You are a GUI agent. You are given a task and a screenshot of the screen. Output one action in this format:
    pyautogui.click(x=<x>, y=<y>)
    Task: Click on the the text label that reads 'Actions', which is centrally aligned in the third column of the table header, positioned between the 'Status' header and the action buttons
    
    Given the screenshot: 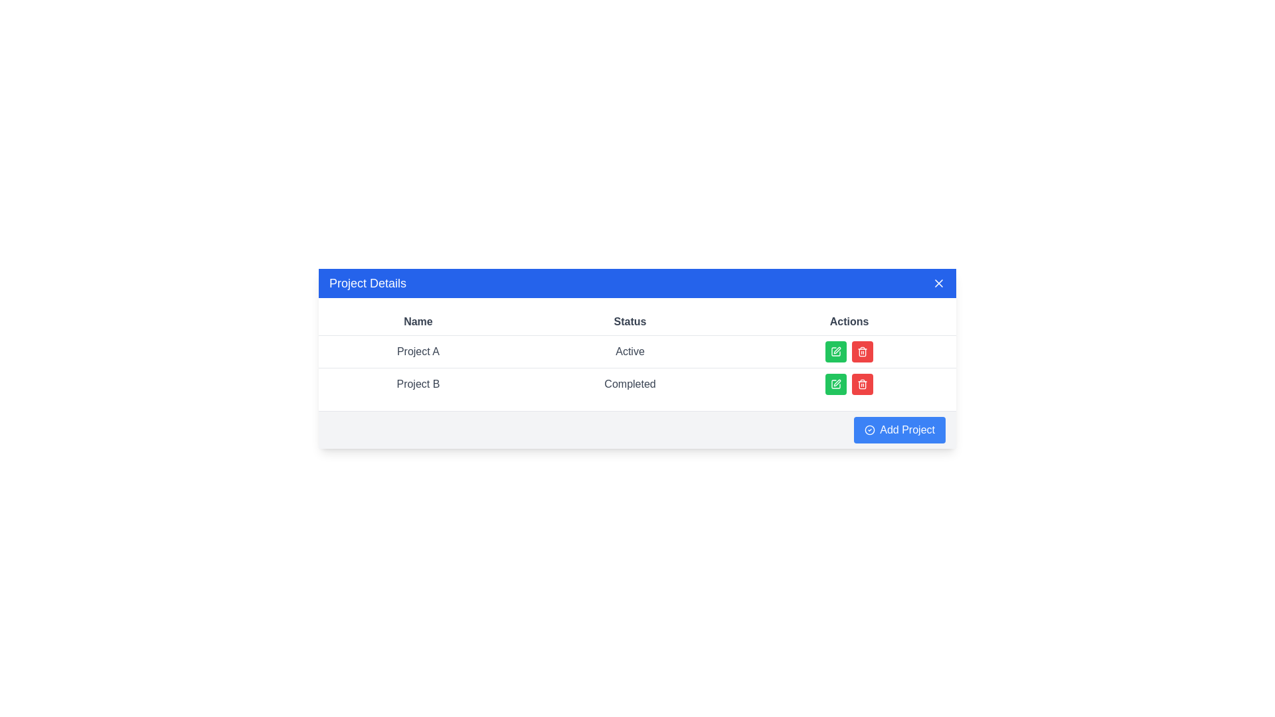 What is the action you would take?
    pyautogui.click(x=849, y=321)
    